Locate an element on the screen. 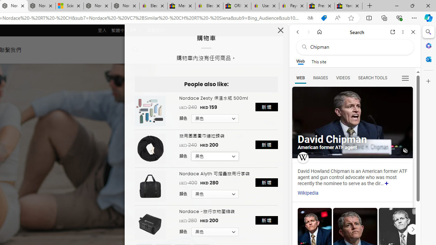 The height and width of the screenshot is (245, 436). 'Payments Terms of Use | eBay.com' is located at coordinates (293, 6).